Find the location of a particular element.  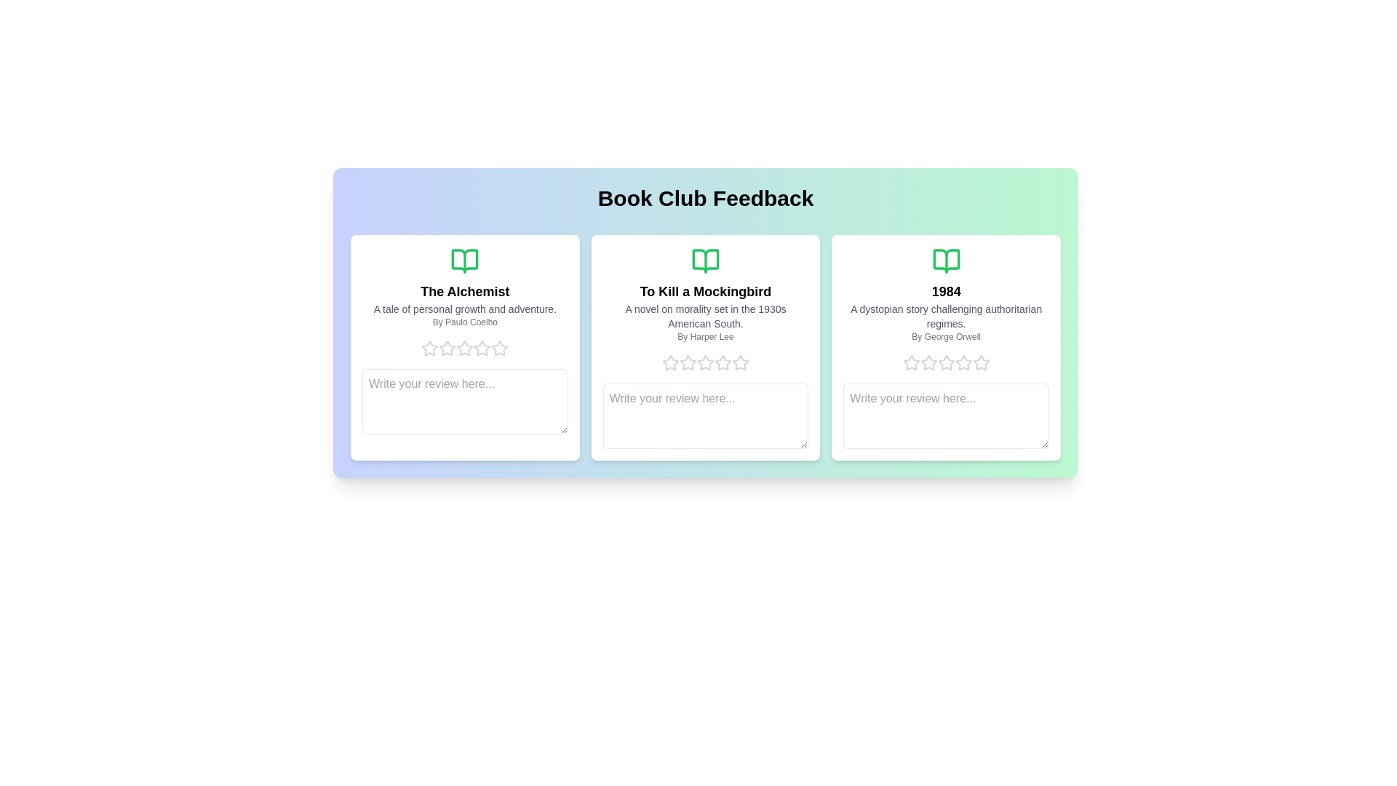

the descriptive text displayed in gray color below the title 'To Kill a Mockingbird' in the Book Club Feedback interface is located at coordinates (705, 316).